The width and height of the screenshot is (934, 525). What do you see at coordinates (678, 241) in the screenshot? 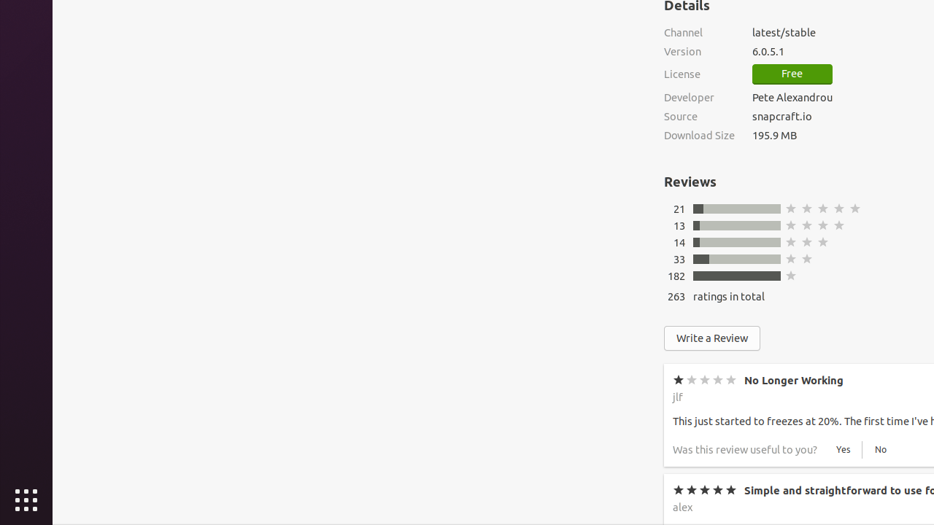
I see `'14'` at bounding box center [678, 241].